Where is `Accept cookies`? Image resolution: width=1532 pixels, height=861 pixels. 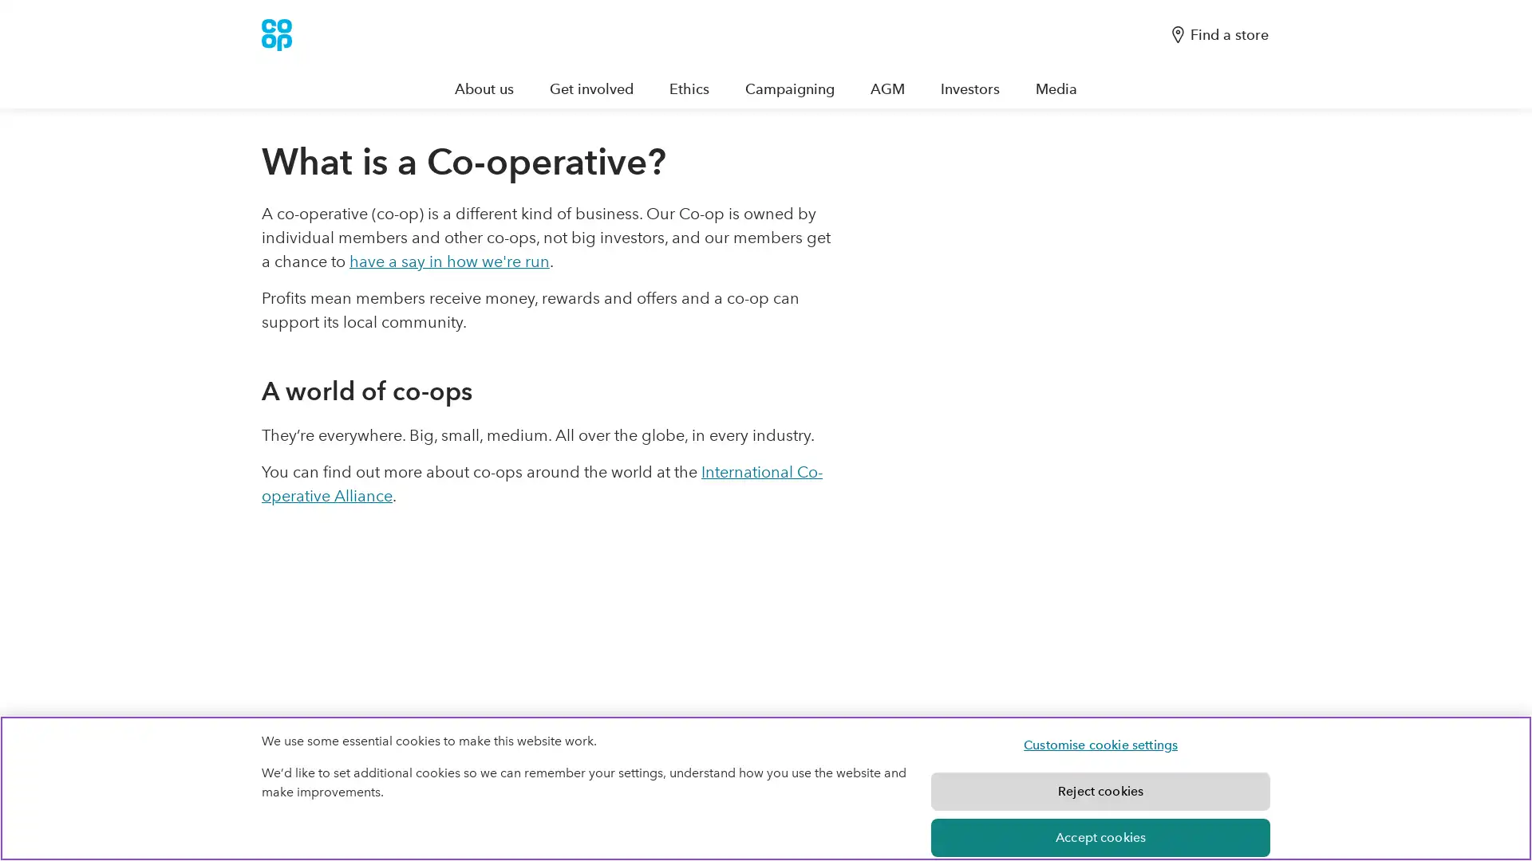
Accept cookies is located at coordinates (1099, 836).